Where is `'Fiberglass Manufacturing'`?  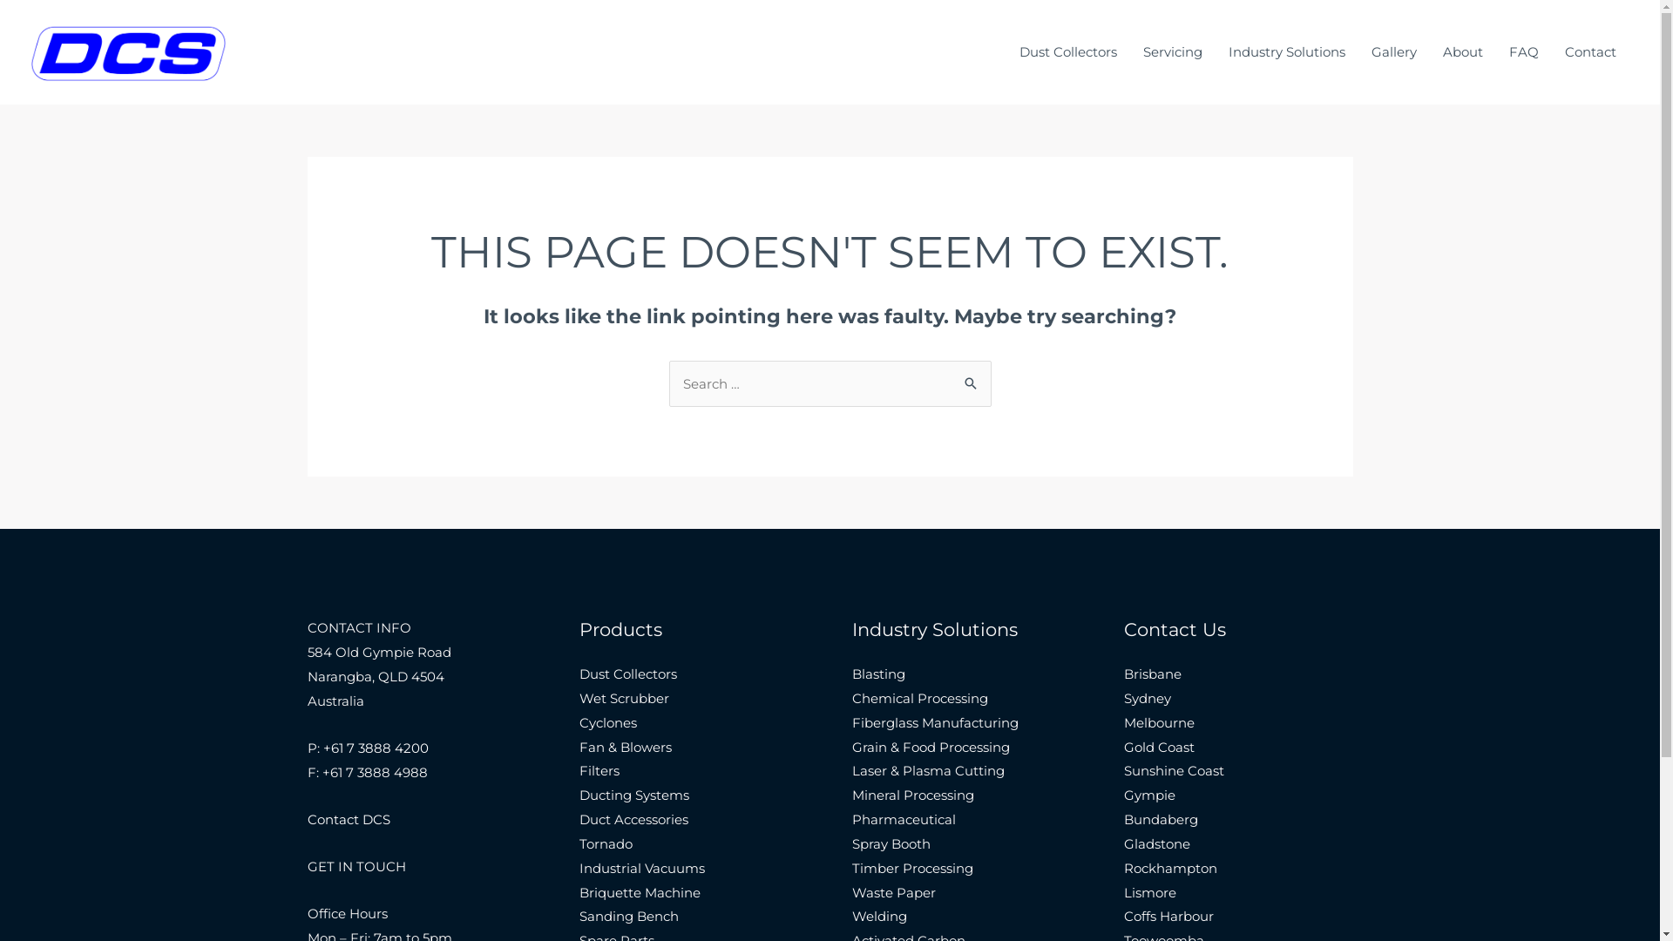
'Fiberglass Manufacturing' is located at coordinates (934, 722).